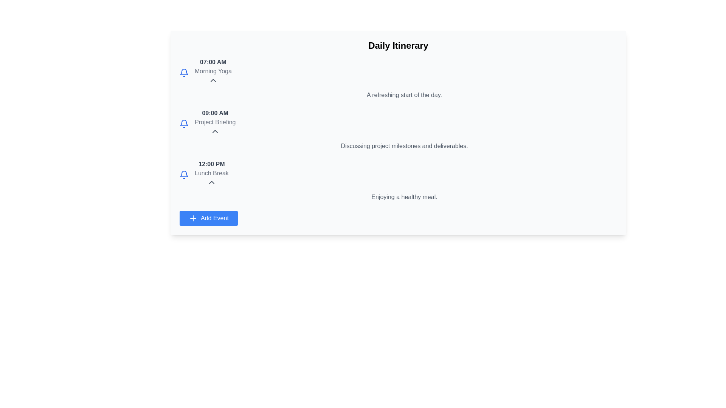  I want to click on the '+' icon located to the left of the 'Add Event' button, which is styled with a clean vector graphic design, so click(193, 218).